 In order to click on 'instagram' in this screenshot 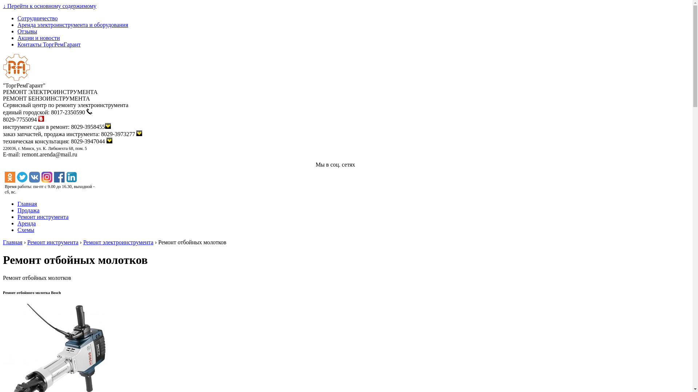, I will do `click(47, 177)`.